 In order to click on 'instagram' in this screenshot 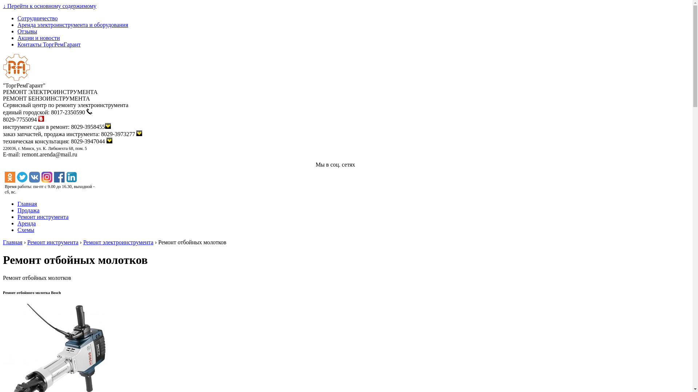, I will do `click(47, 177)`.